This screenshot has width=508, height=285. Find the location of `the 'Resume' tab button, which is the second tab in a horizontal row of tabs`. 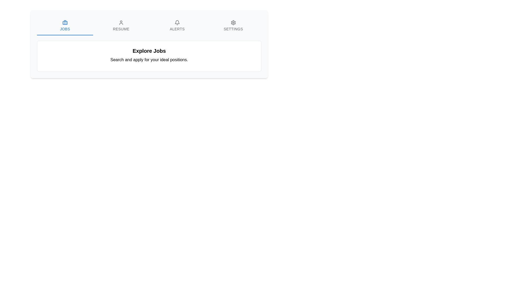

the 'Resume' tab button, which is the second tab in a horizontal row of tabs is located at coordinates (121, 26).